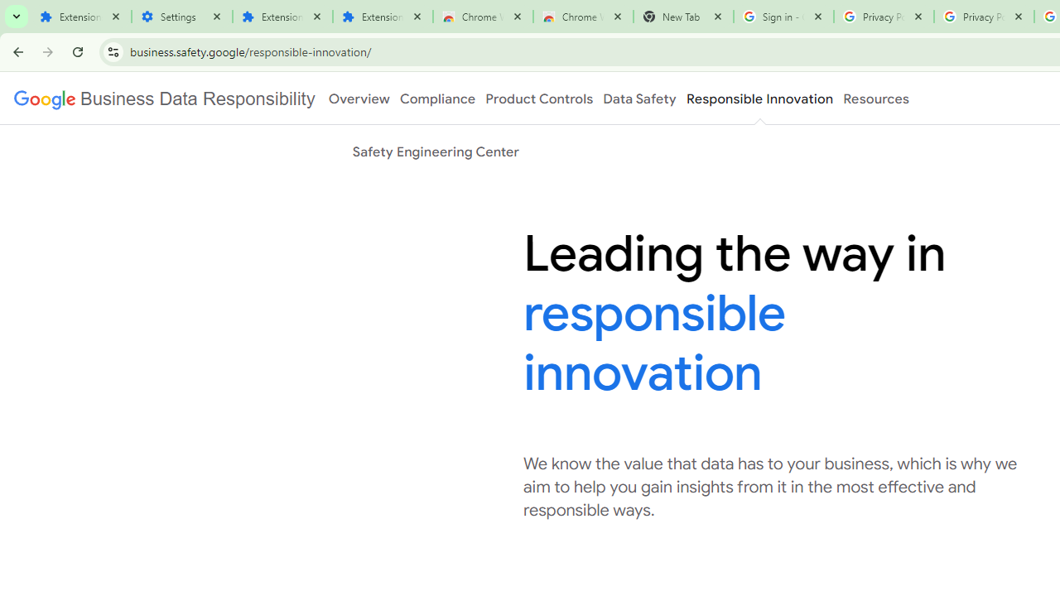 This screenshot has height=596, width=1060. Describe the element at coordinates (783, 17) in the screenshot. I see `'Sign in - Google Accounts'` at that location.